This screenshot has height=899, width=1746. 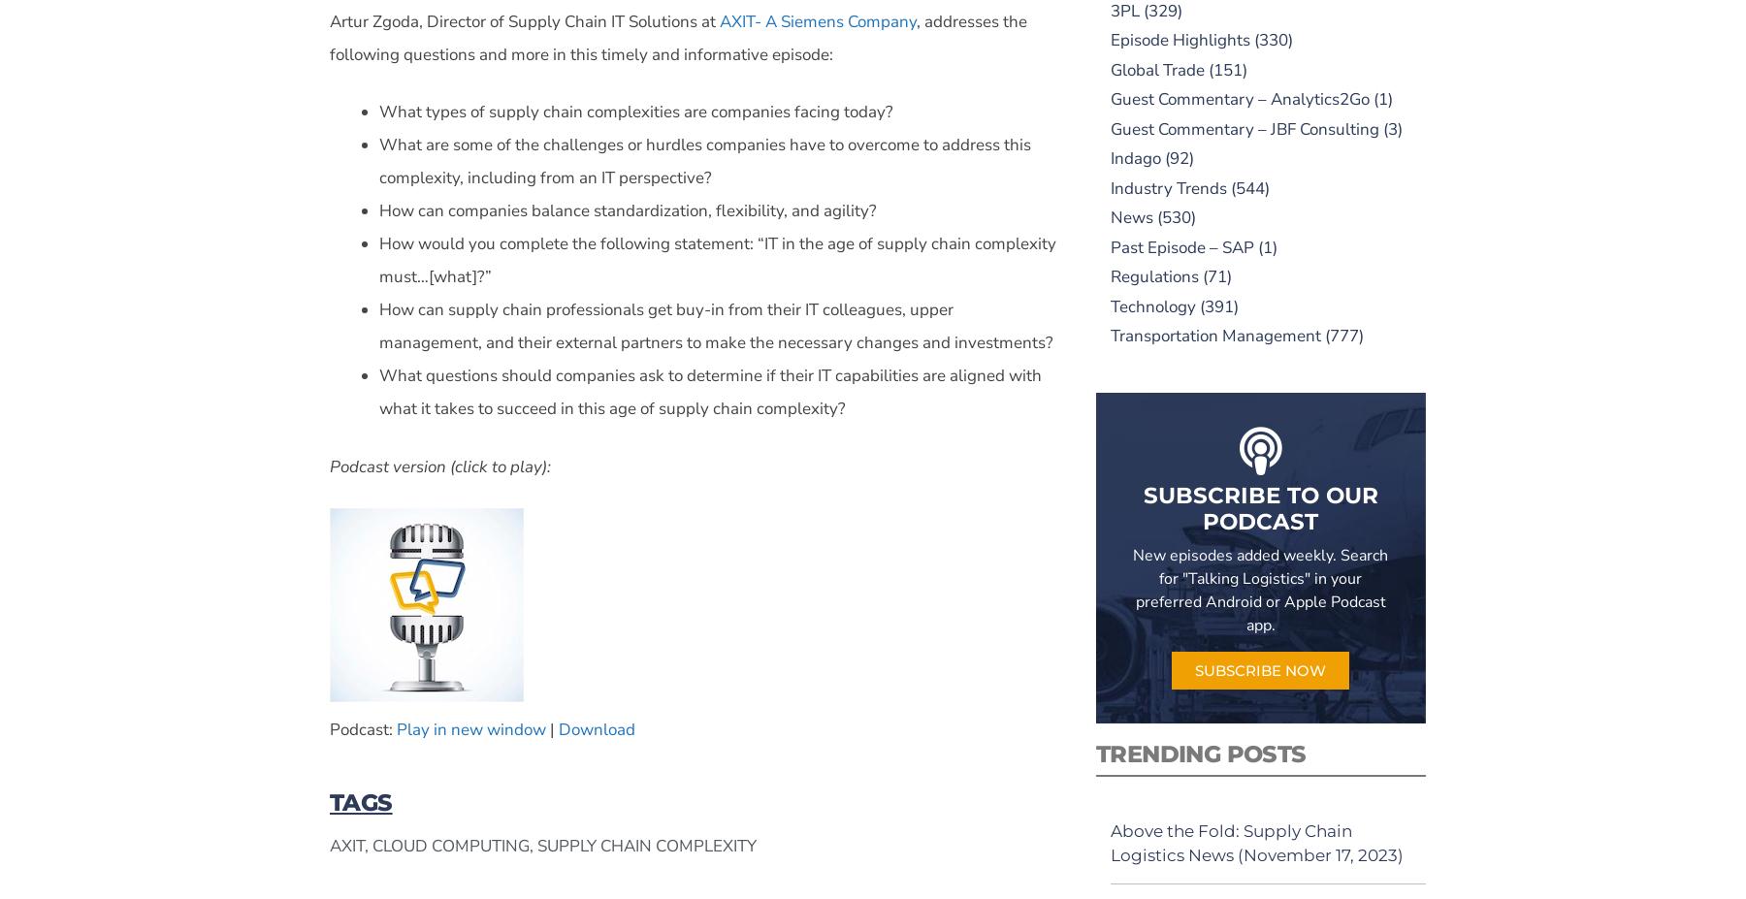 What do you see at coordinates (628, 210) in the screenshot?
I see `'How can companies balance standardization, flexibility, and agility?'` at bounding box center [628, 210].